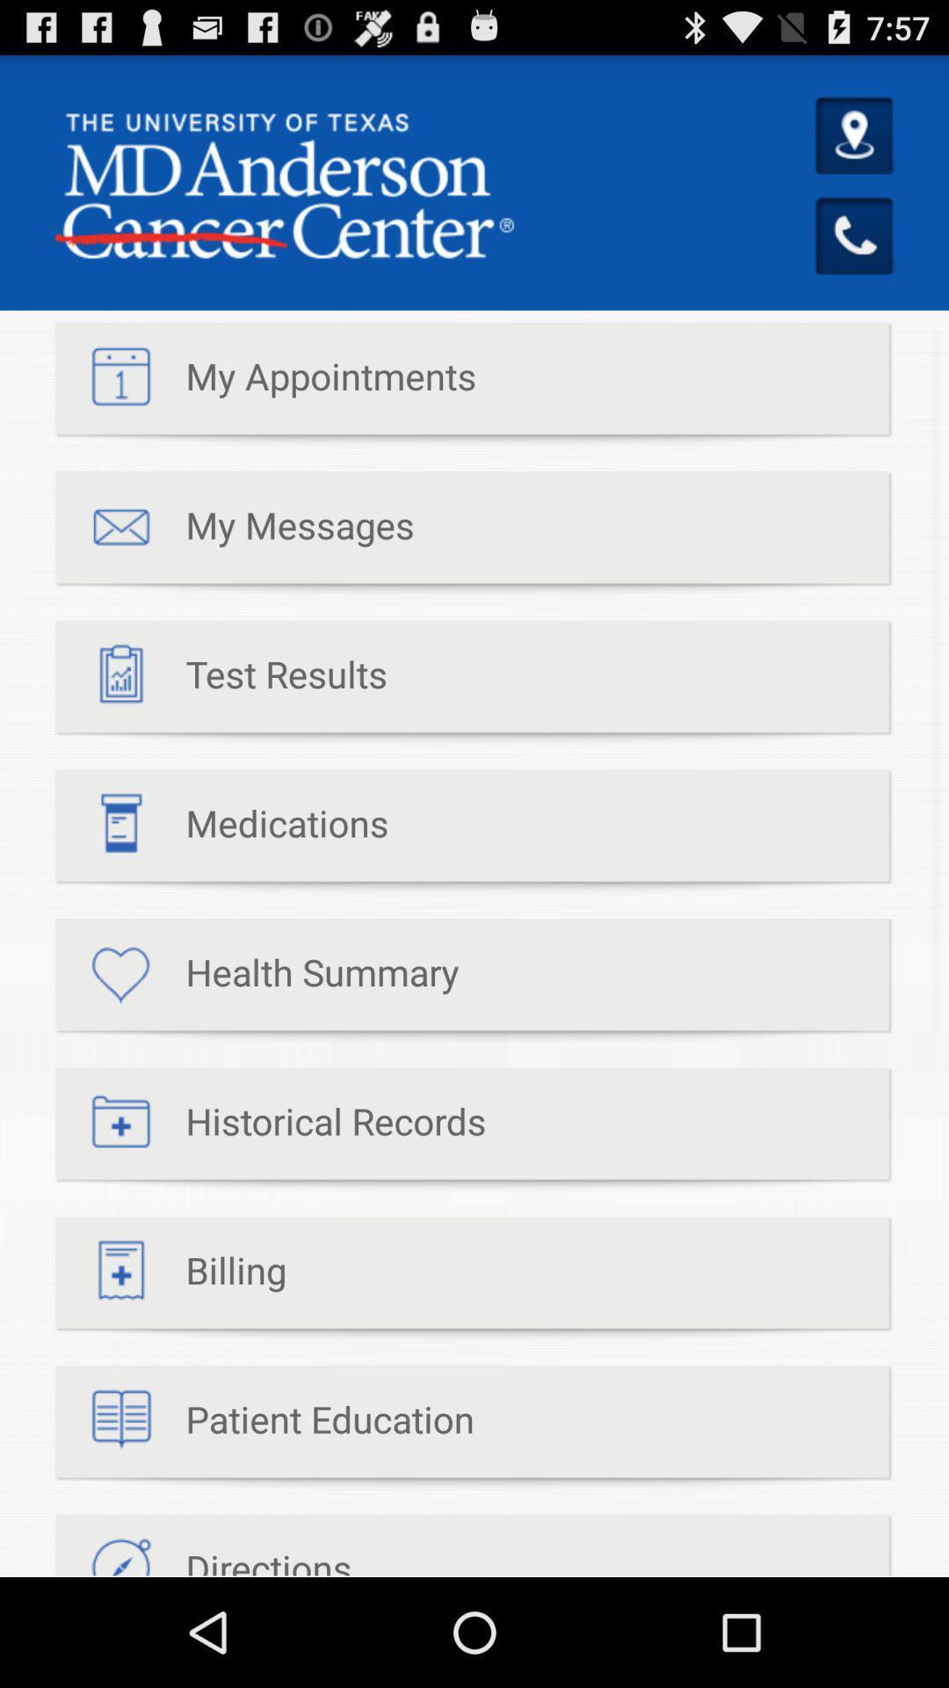 Image resolution: width=949 pixels, height=1688 pixels. I want to click on billing icon, so click(170, 1279).